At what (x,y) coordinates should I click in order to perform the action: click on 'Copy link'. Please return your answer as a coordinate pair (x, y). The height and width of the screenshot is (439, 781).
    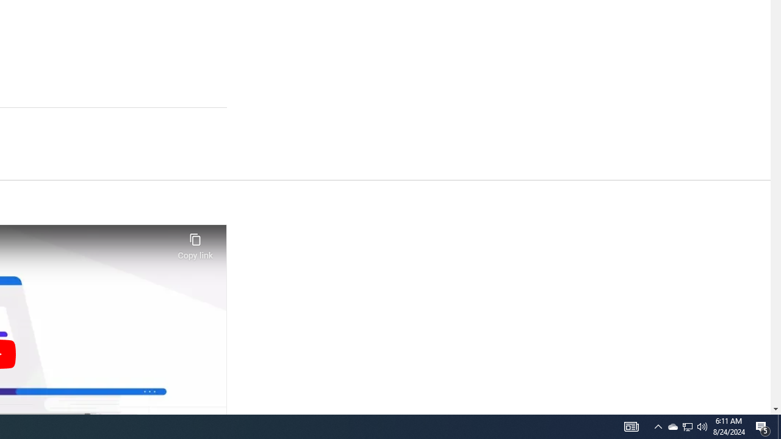
    Looking at the image, I should click on (195, 243).